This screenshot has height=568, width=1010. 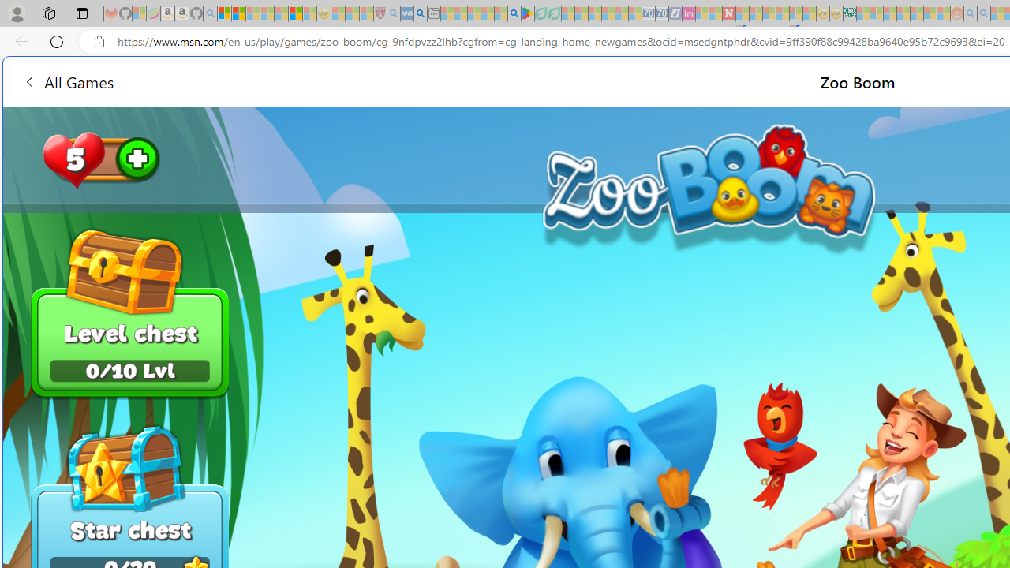 I want to click on 'All Games', so click(x=67, y=81).